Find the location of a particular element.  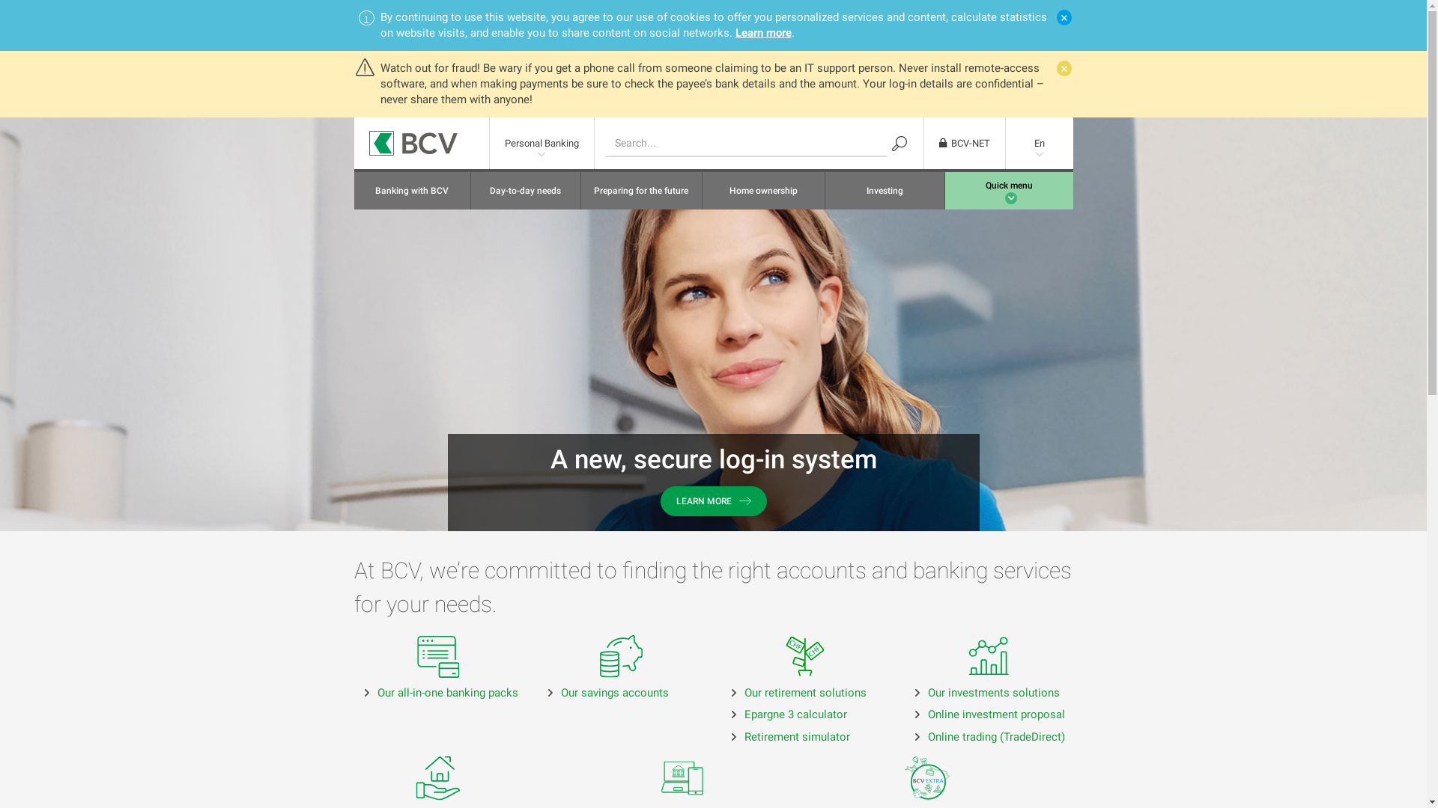

'Home ownership' is located at coordinates (763, 189).